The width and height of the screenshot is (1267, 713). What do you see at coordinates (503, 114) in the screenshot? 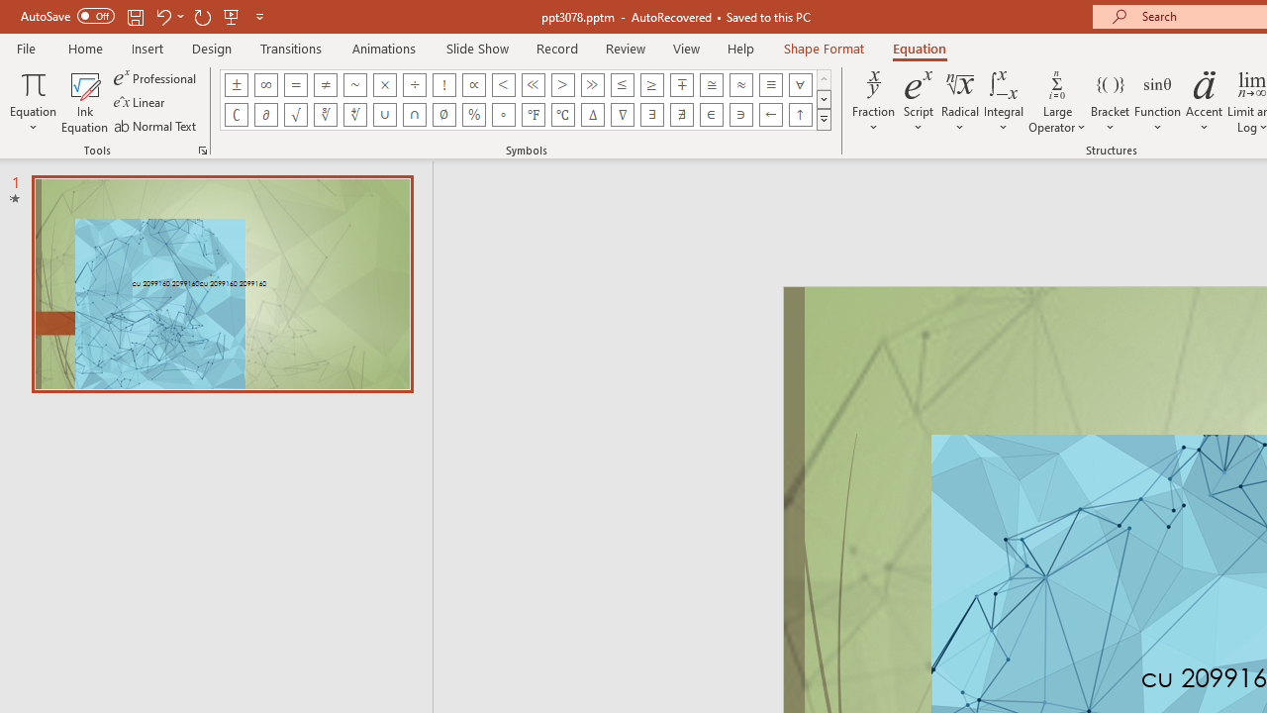
I see `'Equation Symbol Degrees'` at bounding box center [503, 114].